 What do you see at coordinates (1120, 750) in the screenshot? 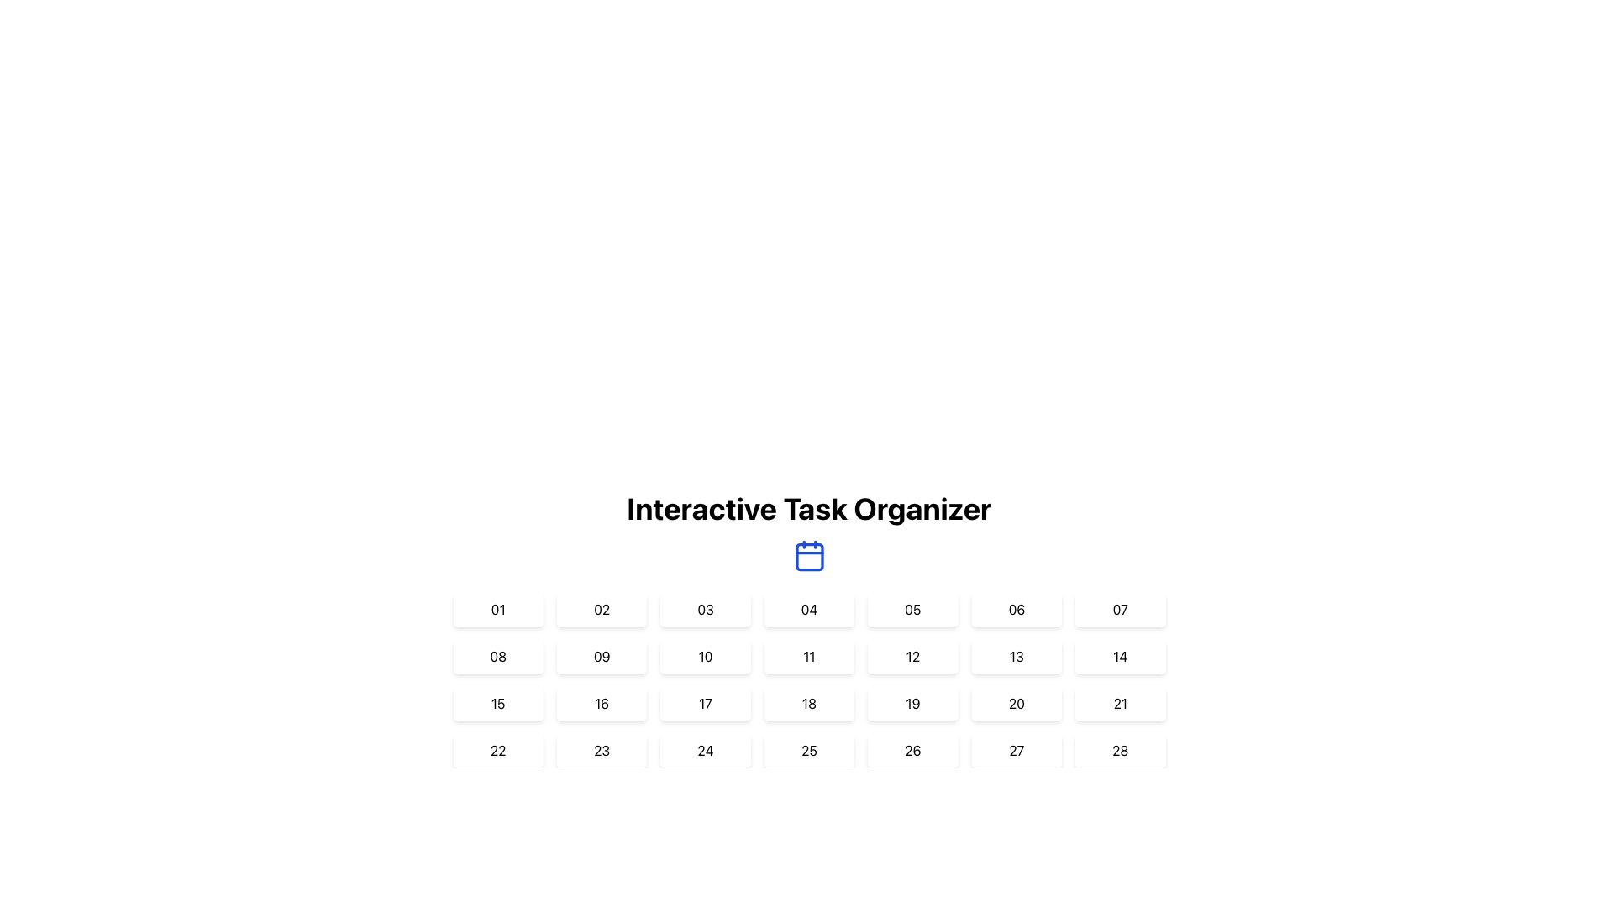
I see `the clickable button in the bottom row of the calendar grid, specifically located in the 7th column of the 4th row, to trigger its hover effect` at bounding box center [1120, 750].